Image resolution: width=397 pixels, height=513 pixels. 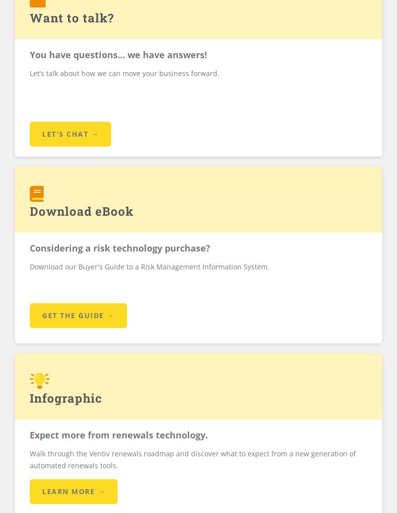 What do you see at coordinates (29, 72) in the screenshot?
I see `'Let’s talk about how we can move your business forward.'` at bounding box center [29, 72].